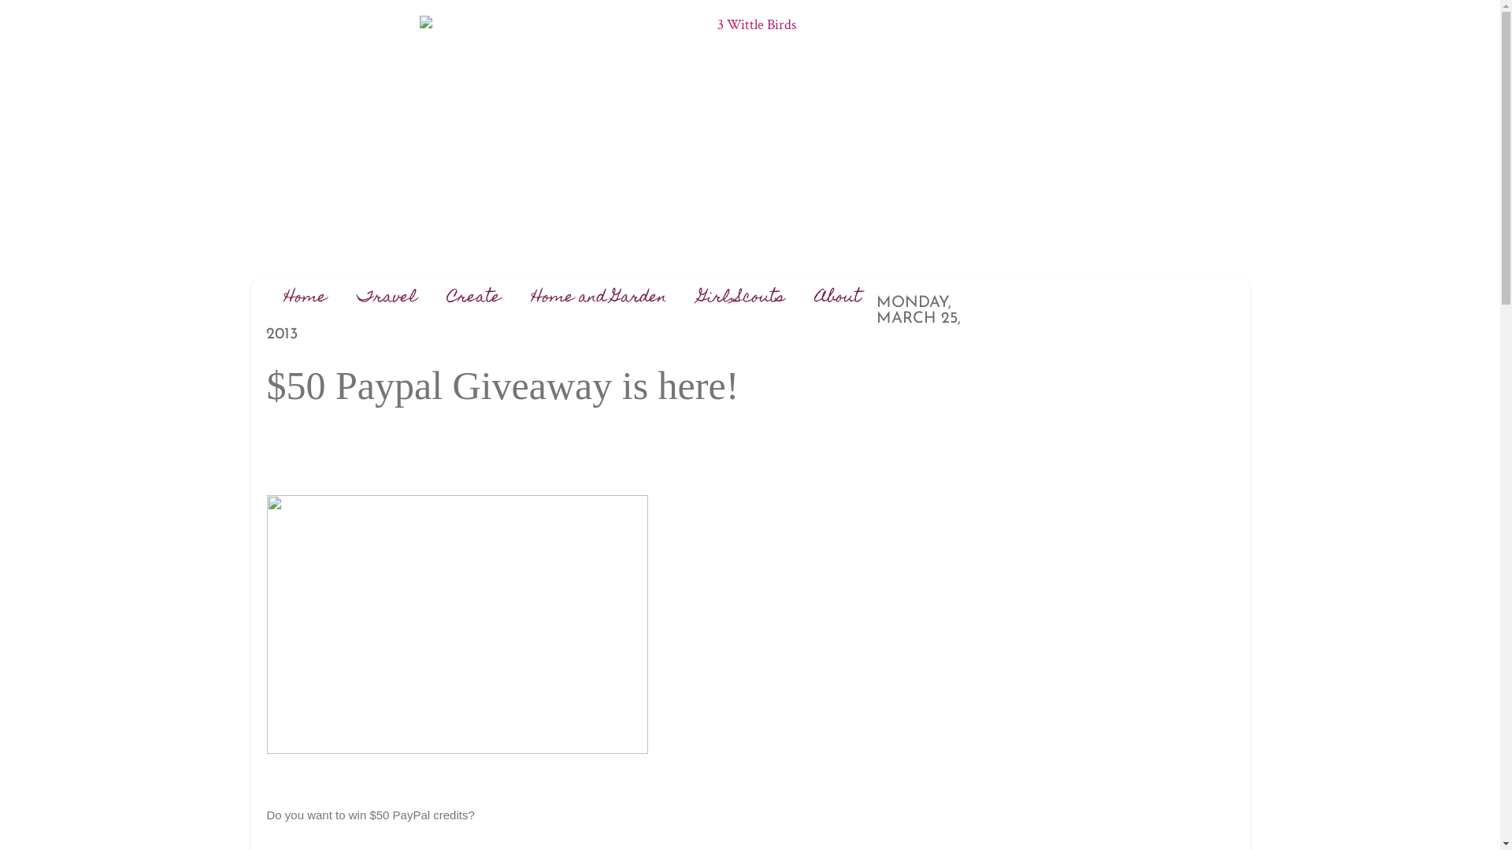 The width and height of the screenshot is (1512, 850). What do you see at coordinates (801, 297) in the screenshot?
I see `'About'` at bounding box center [801, 297].